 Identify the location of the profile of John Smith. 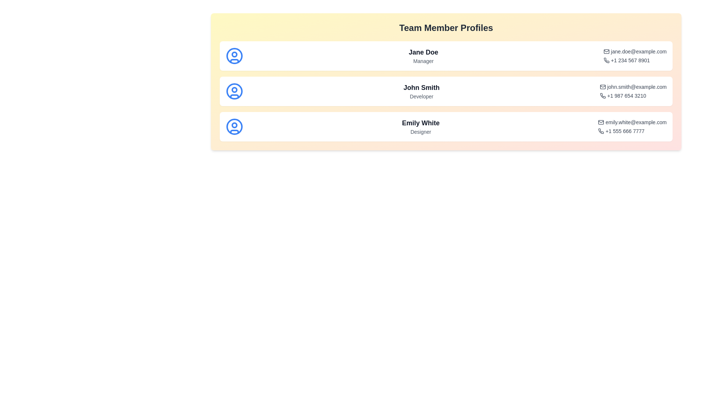
(445, 91).